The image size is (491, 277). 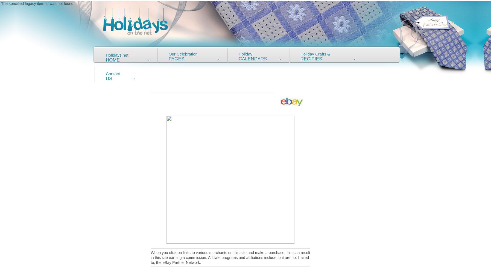 What do you see at coordinates (176, 59) in the screenshot?
I see `'Pages'` at bounding box center [176, 59].